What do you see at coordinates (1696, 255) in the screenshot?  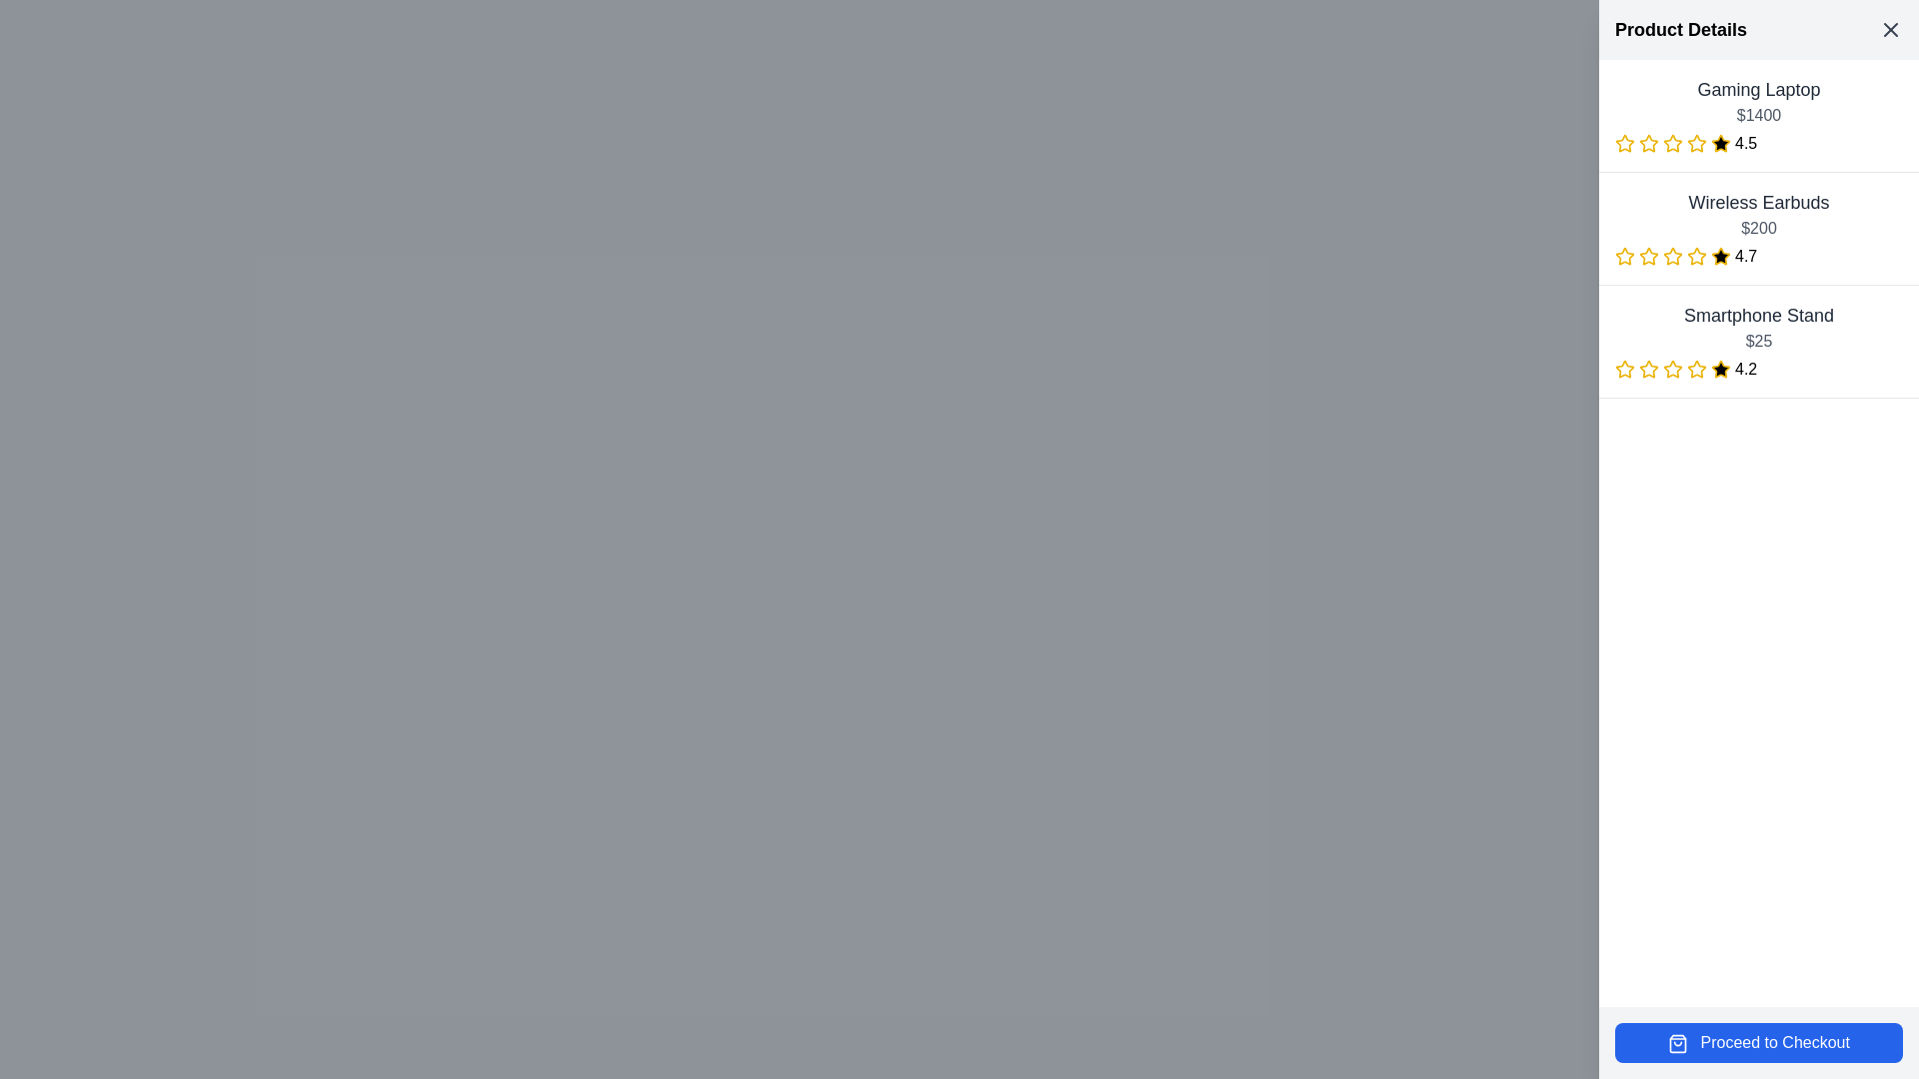 I see `the yellow star icon, which is the fourth in a horizontal row of five stars representing ratings for the 'Wireless Earbuds' product card` at bounding box center [1696, 255].